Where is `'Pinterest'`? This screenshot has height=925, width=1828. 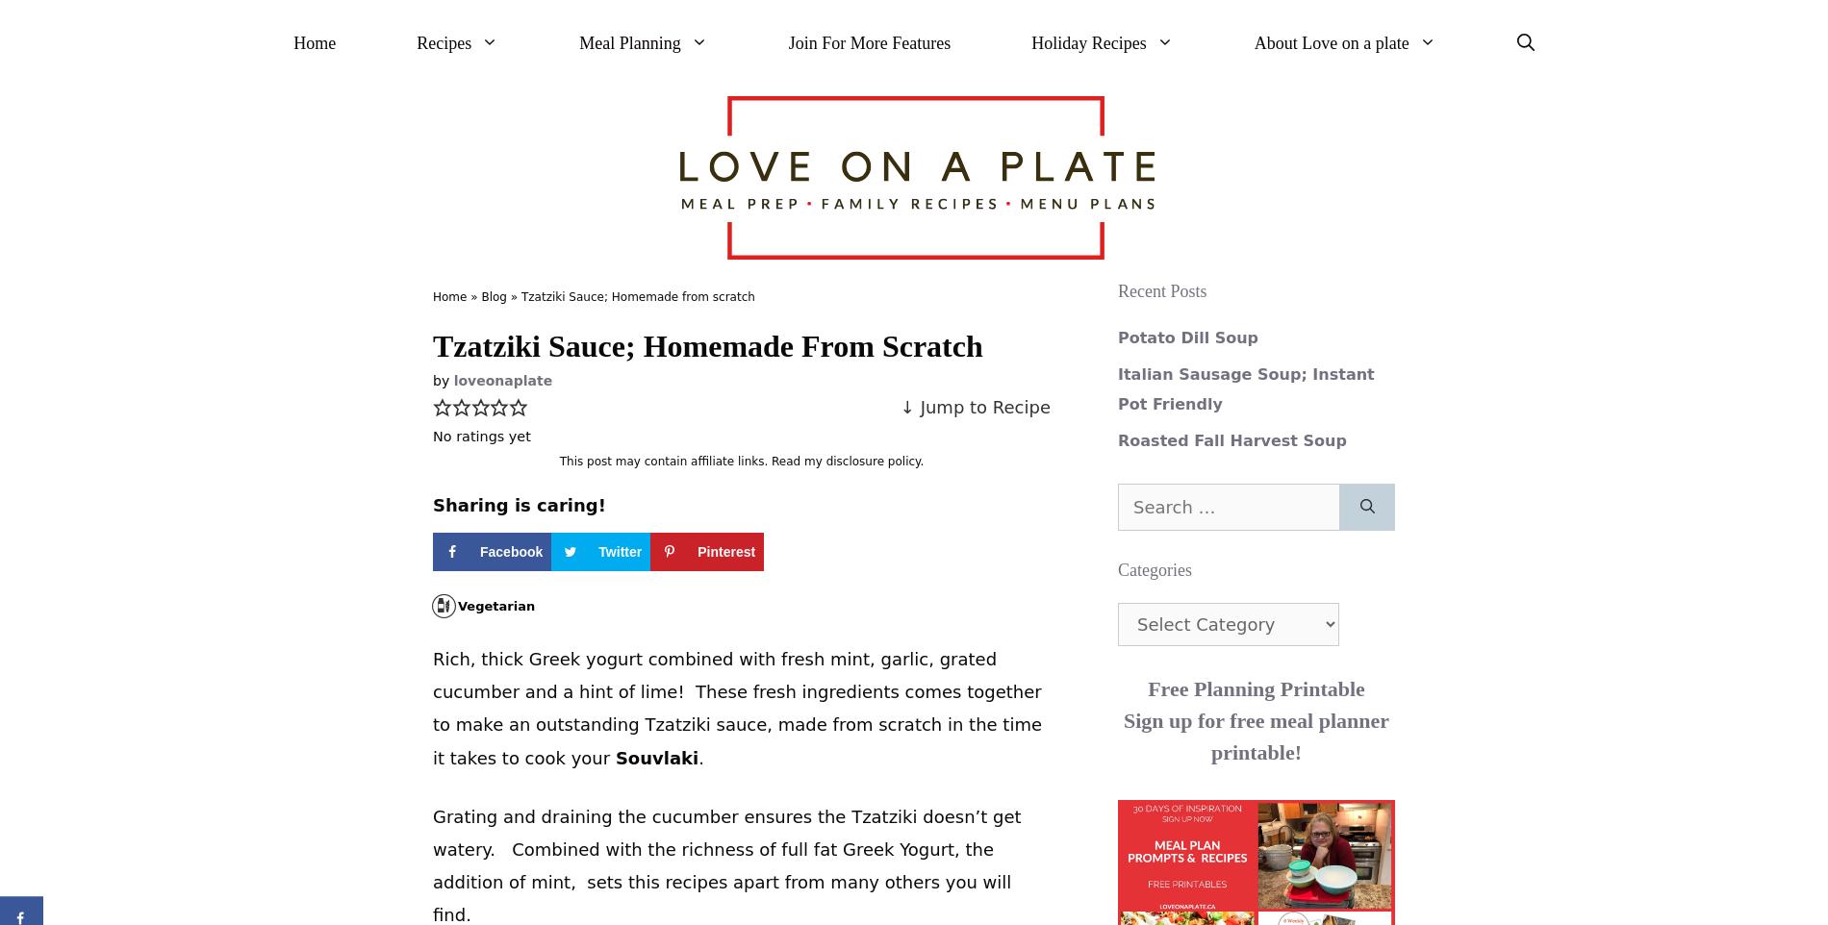 'Pinterest' is located at coordinates (697, 550).